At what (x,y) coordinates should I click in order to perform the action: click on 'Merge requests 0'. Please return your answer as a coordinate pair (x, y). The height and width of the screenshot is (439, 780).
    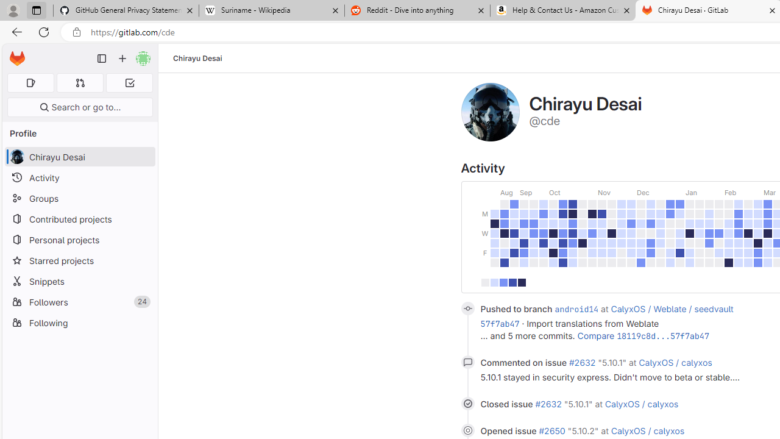
    Looking at the image, I should click on (79, 82).